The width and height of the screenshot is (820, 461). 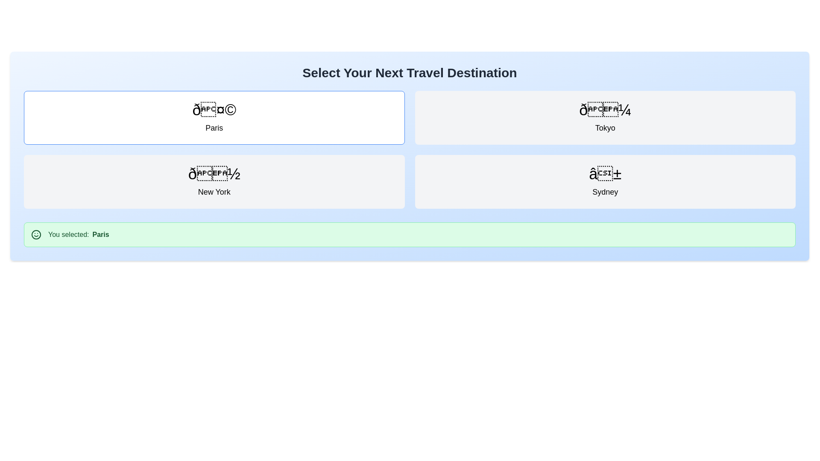 What do you see at coordinates (36, 235) in the screenshot?
I see `the decorative icon located at the far-left side of the green-highlighted box that displays the text 'You selected: Paris'` at bounding box center [36, 235].